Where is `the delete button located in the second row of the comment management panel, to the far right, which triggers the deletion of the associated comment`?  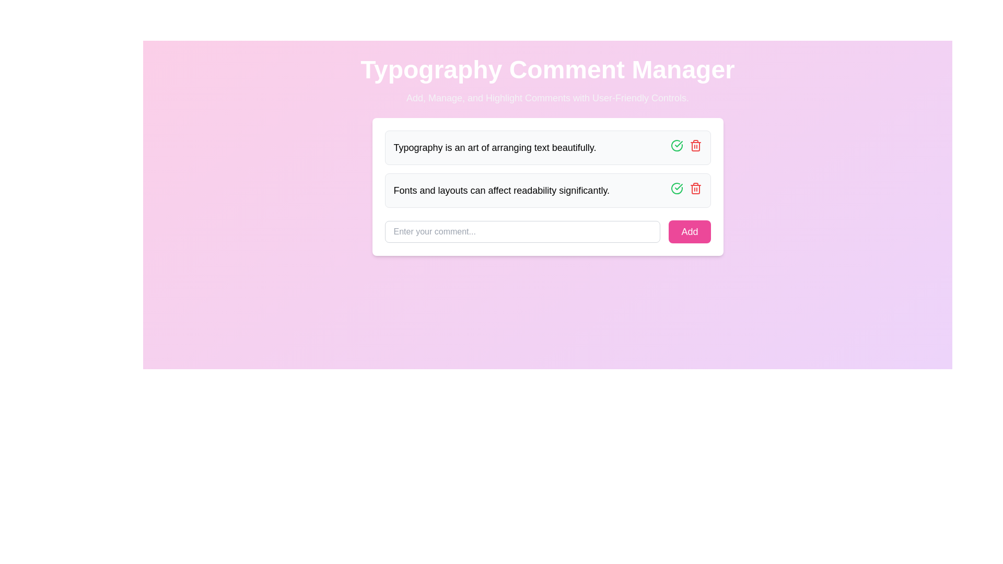 the delete button located in the second row of the comment management panel, to the far right, which triggers the deletion of the associated comment is located at coordinates (695, 189).